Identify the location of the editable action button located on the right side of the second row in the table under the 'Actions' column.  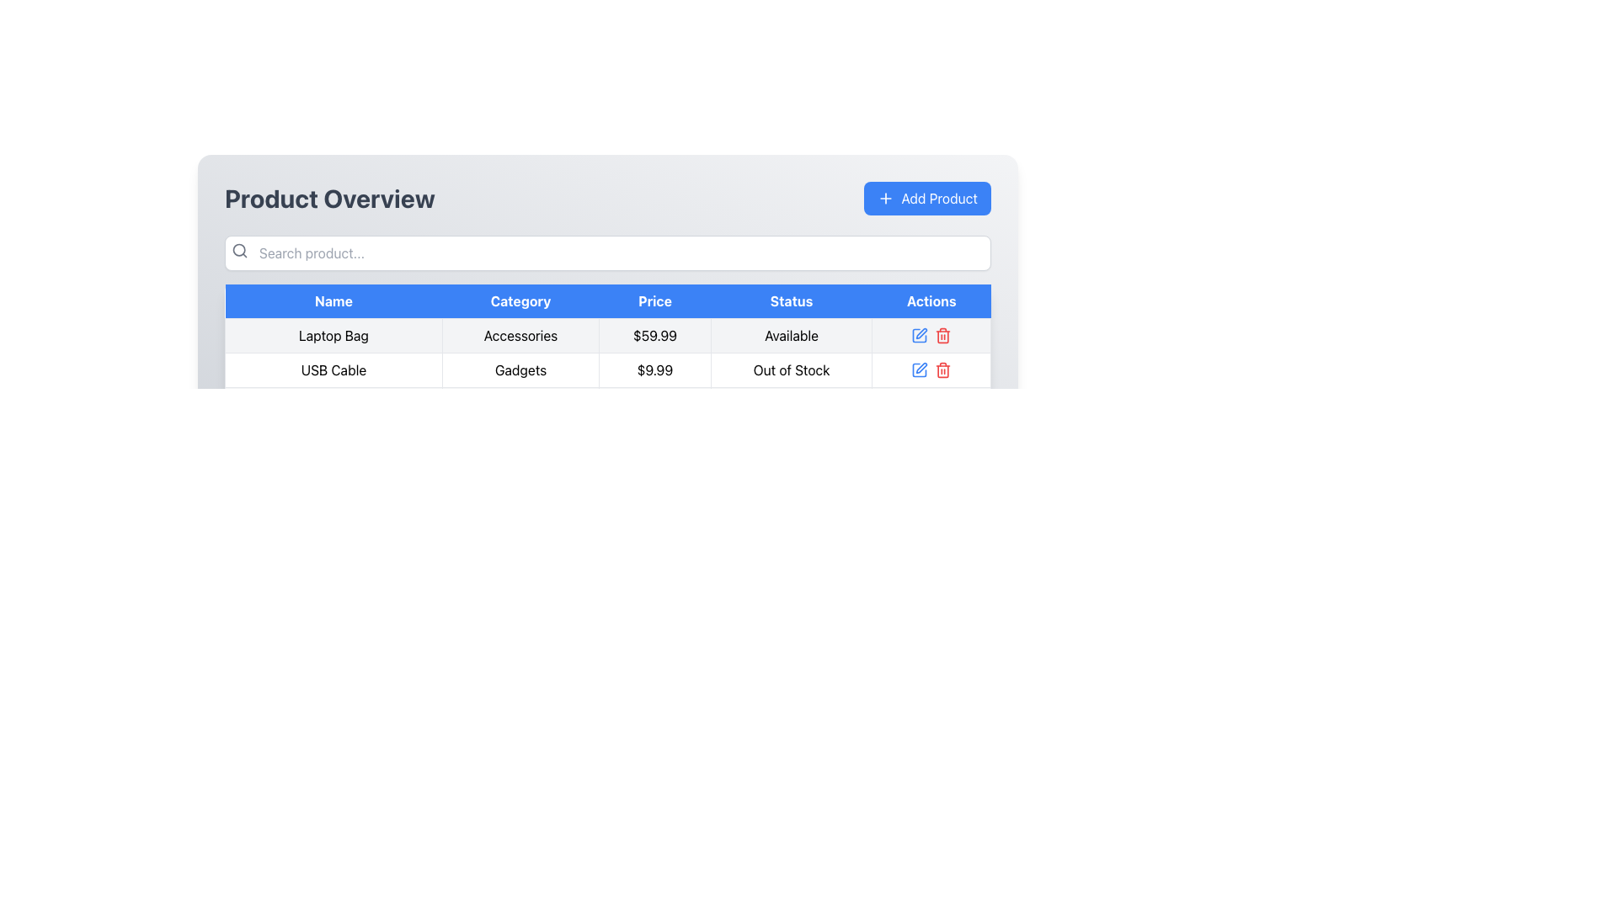
(919, 369).